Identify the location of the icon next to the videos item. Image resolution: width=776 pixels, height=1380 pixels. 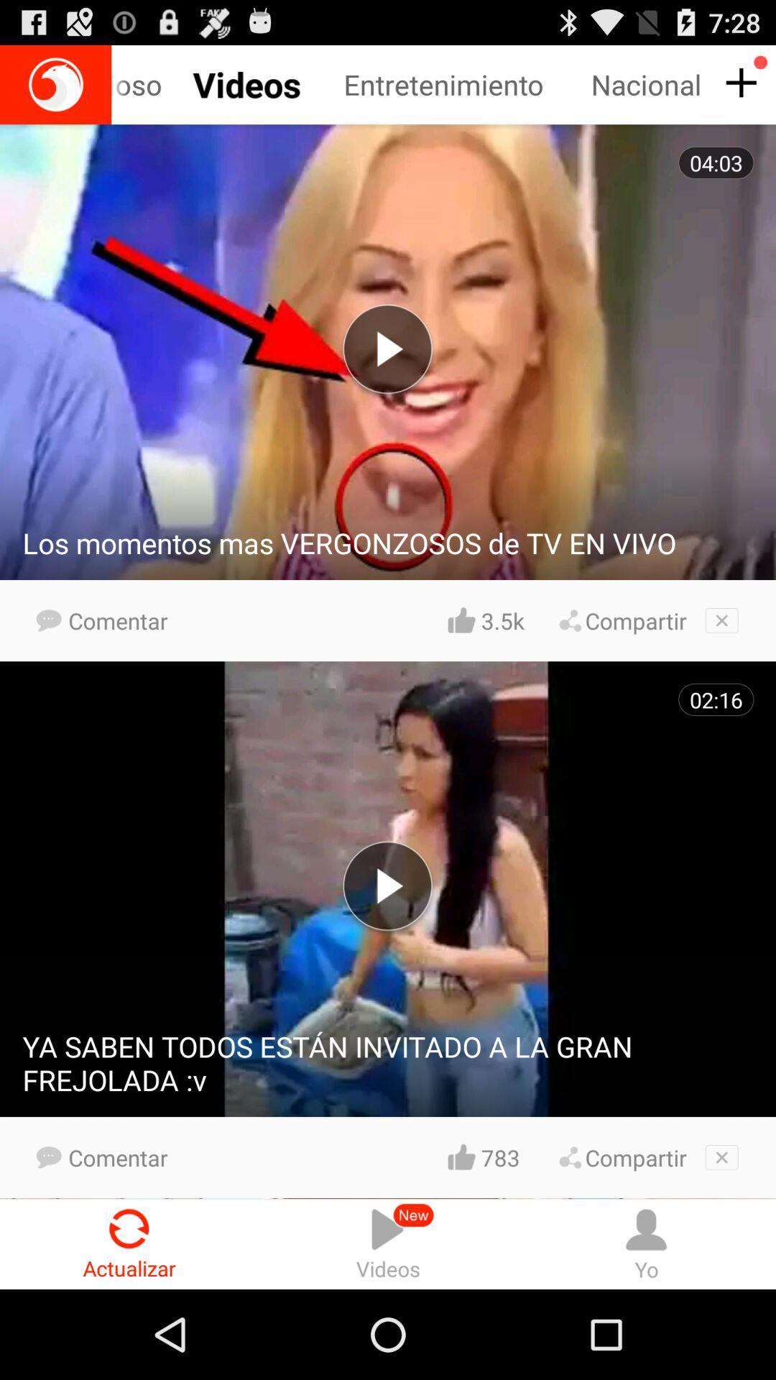
(645, 1243).